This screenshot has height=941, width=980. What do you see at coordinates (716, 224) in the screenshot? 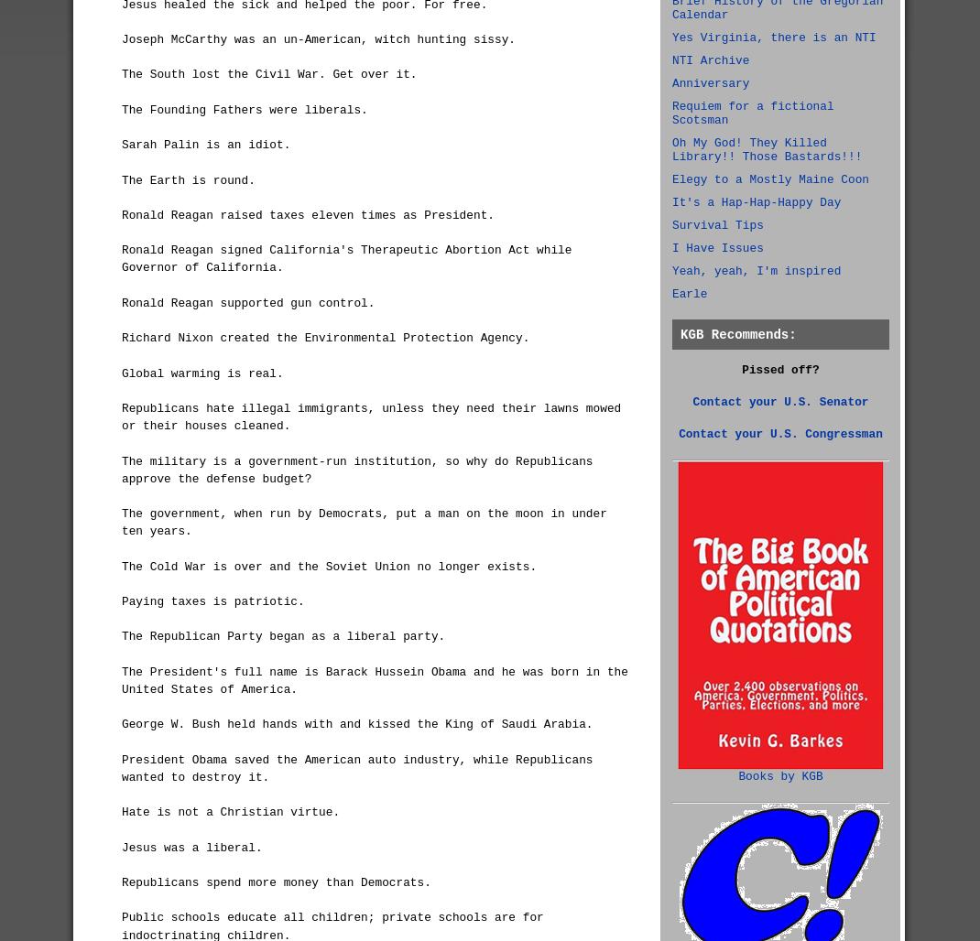
I see `'Survival Tips'` at bounding box center [716, 224].